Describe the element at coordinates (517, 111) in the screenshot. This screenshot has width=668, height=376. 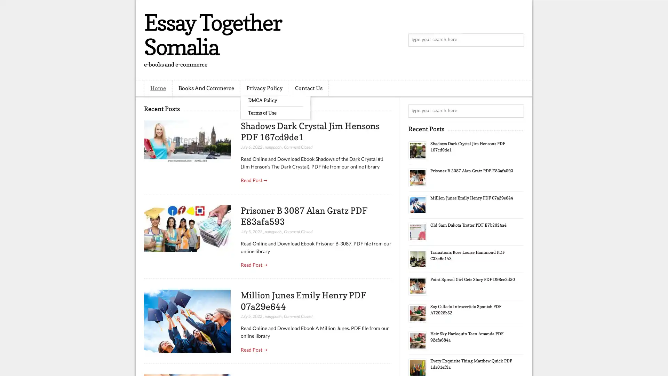
I see `Search` at that location.